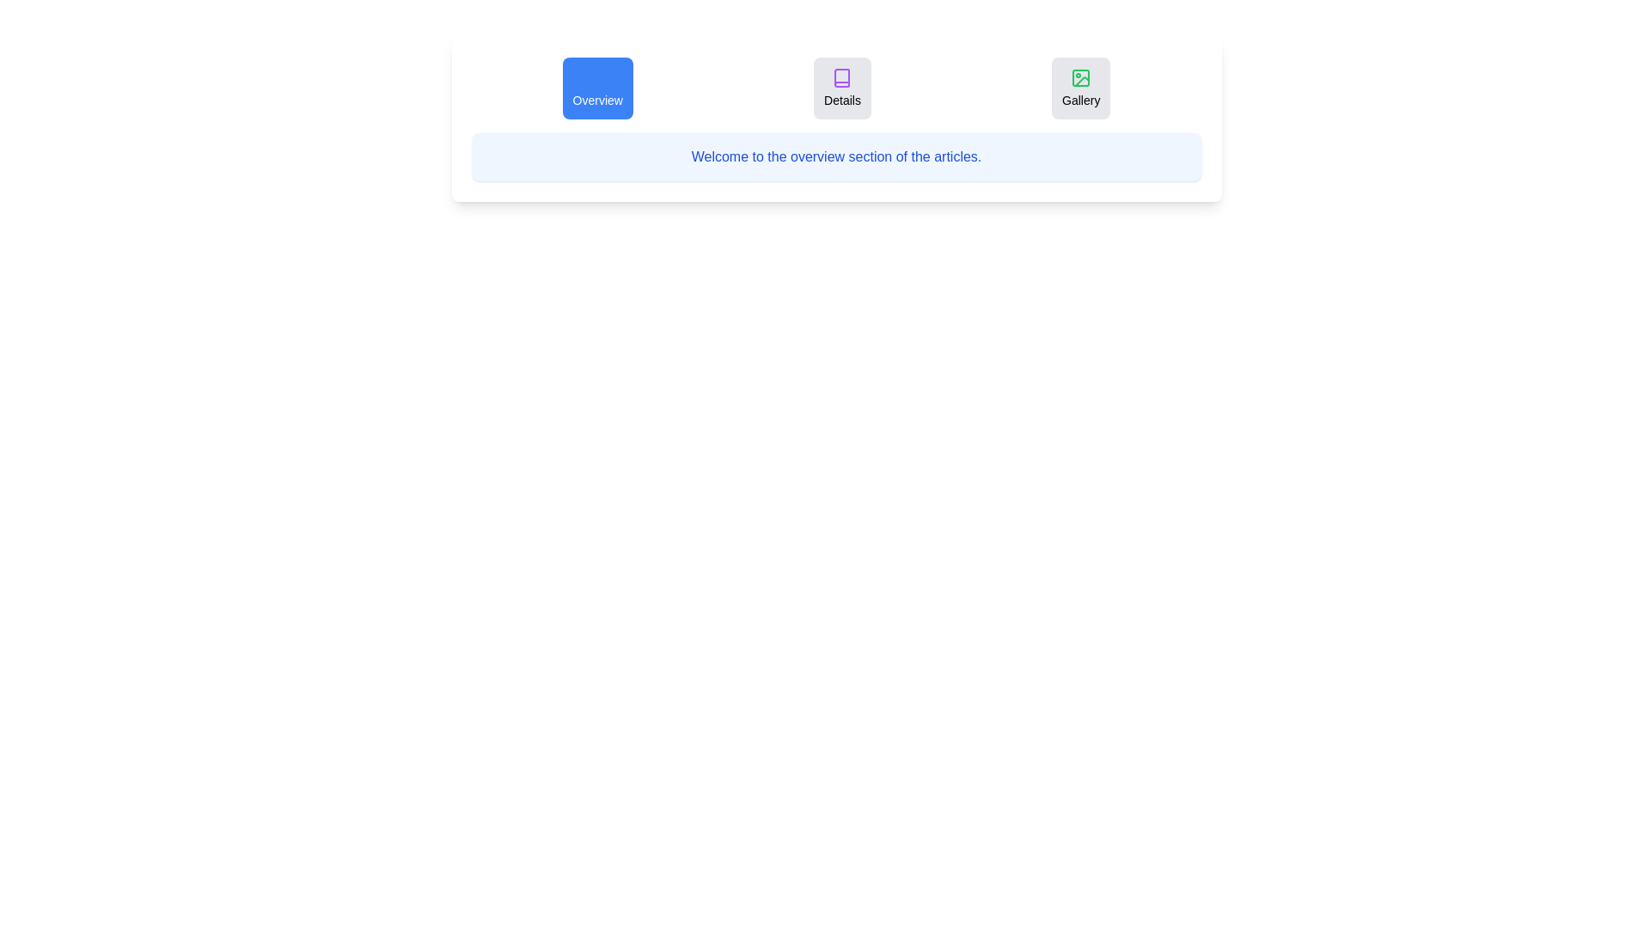  What do you see at coordinates (842, 89) in the screenshot?
I see `the tab labeled Details` at bounding box center [842, 89].